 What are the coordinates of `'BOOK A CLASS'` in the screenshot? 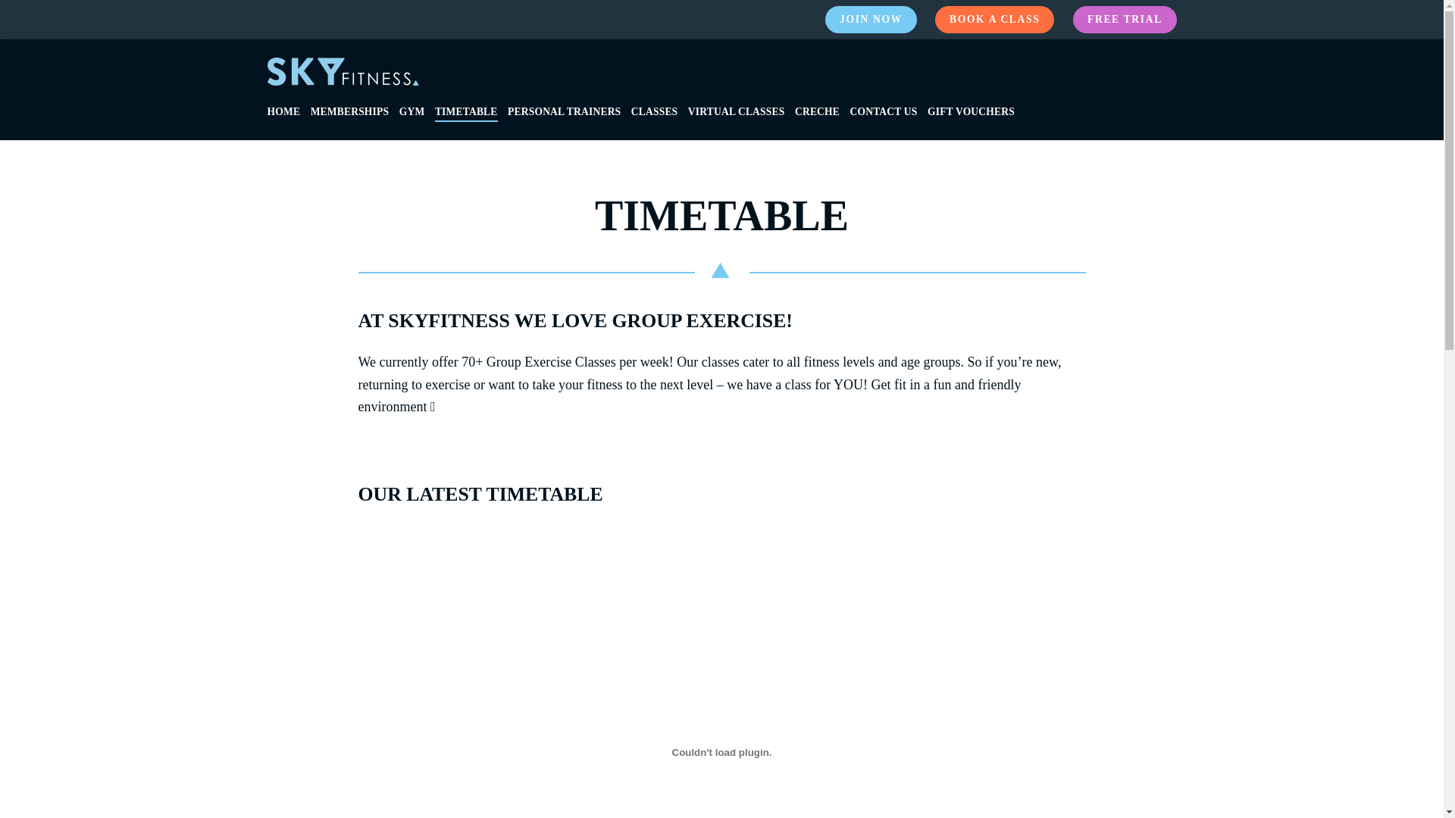 It's located at (934, 20).